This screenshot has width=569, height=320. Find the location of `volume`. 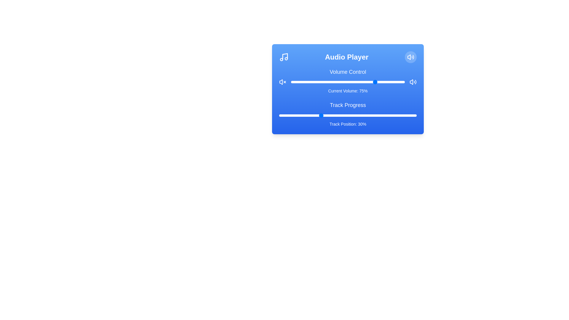

volume is located at coordinates (386, 81).